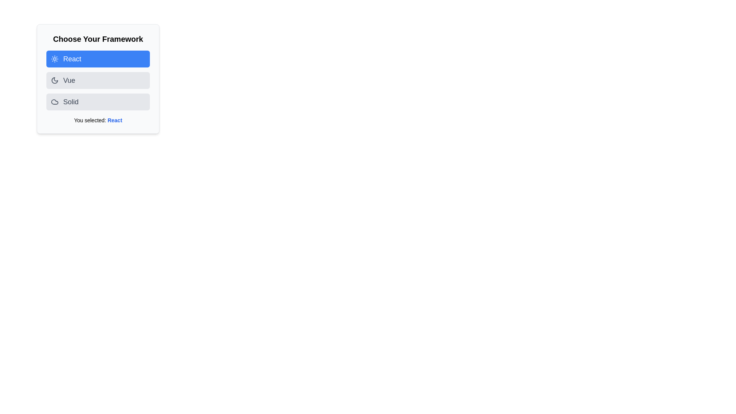 The height and width of the screenshot is (414, 736). I want to click on the button for selecting the 'Vue' framework, which is the second item in the vertical list of options, so click(97, 80).